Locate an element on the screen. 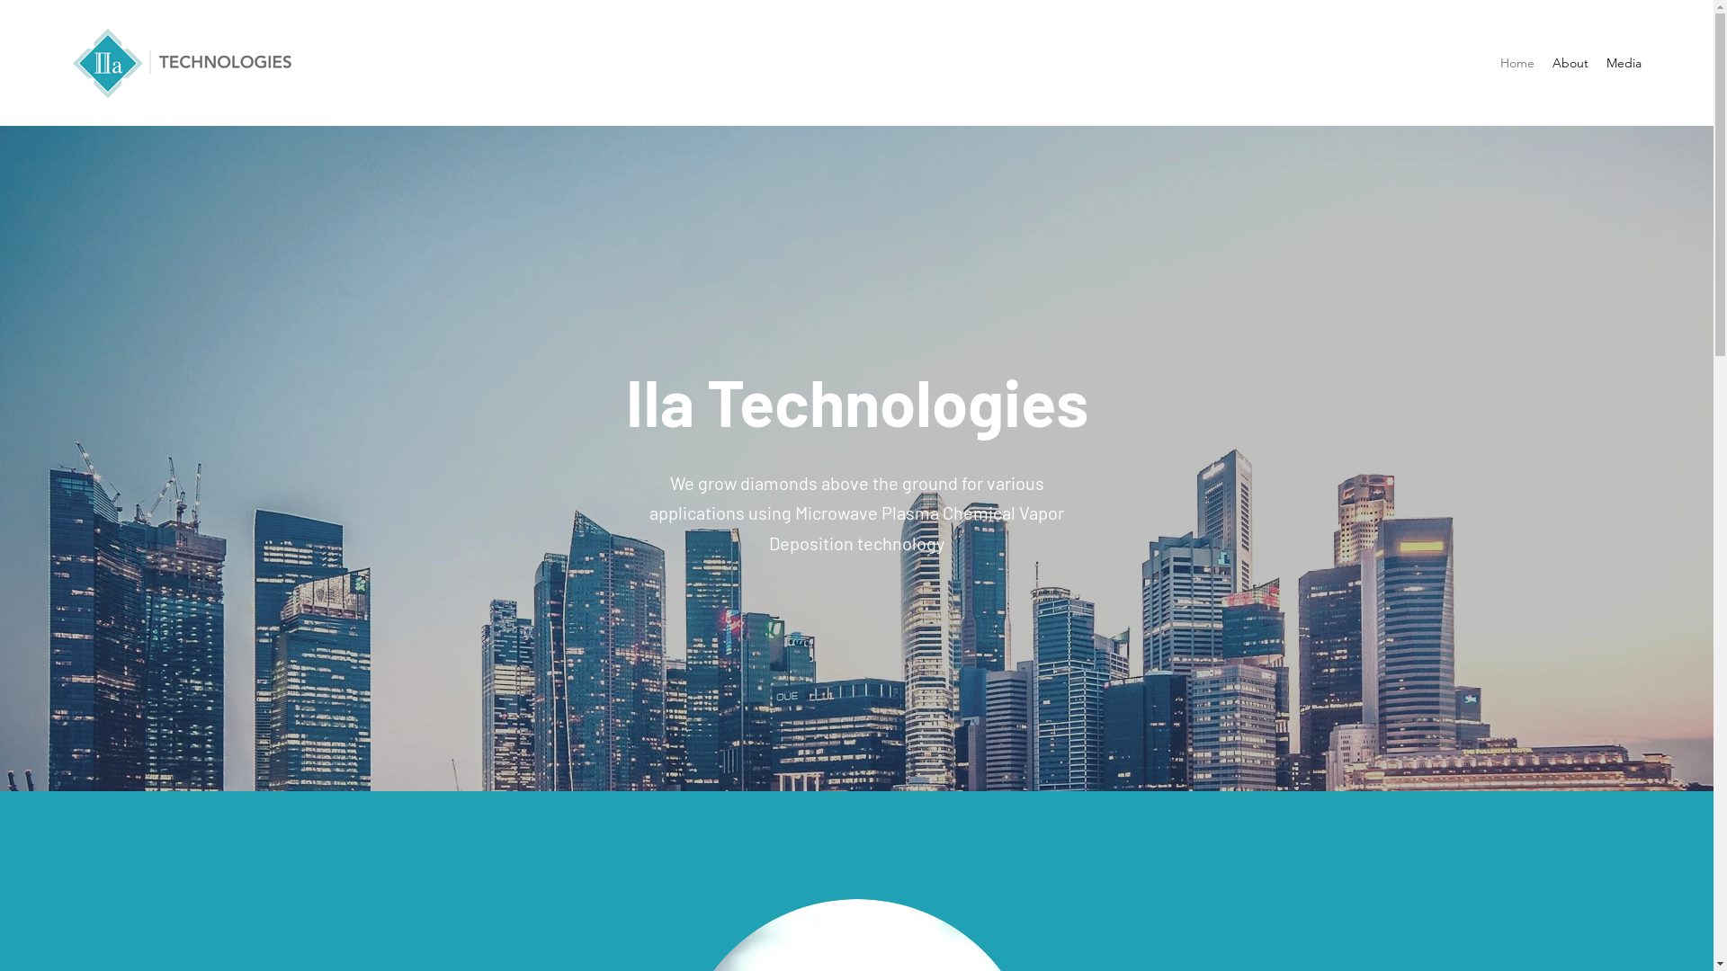 The width and height of the screenshot is (1727, 971). 'Media' is located at coordinates (1624, 61).